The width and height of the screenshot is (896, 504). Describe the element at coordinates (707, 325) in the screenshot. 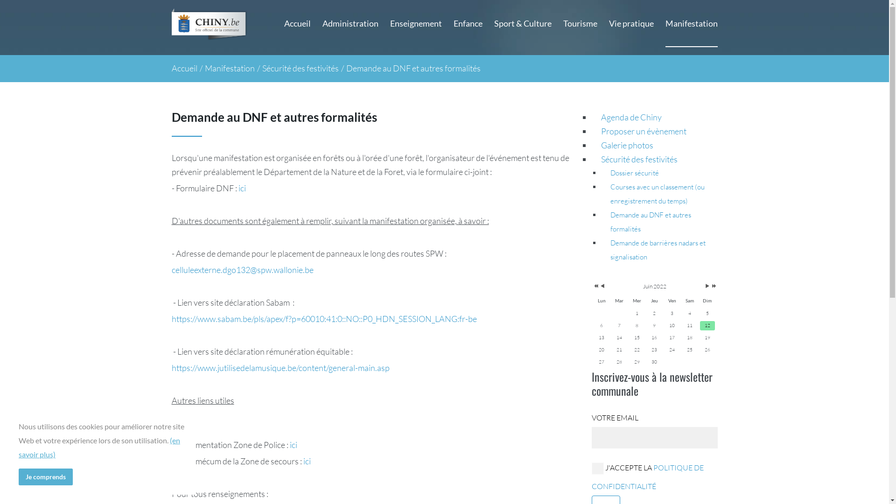

I see `'12'` at that location.